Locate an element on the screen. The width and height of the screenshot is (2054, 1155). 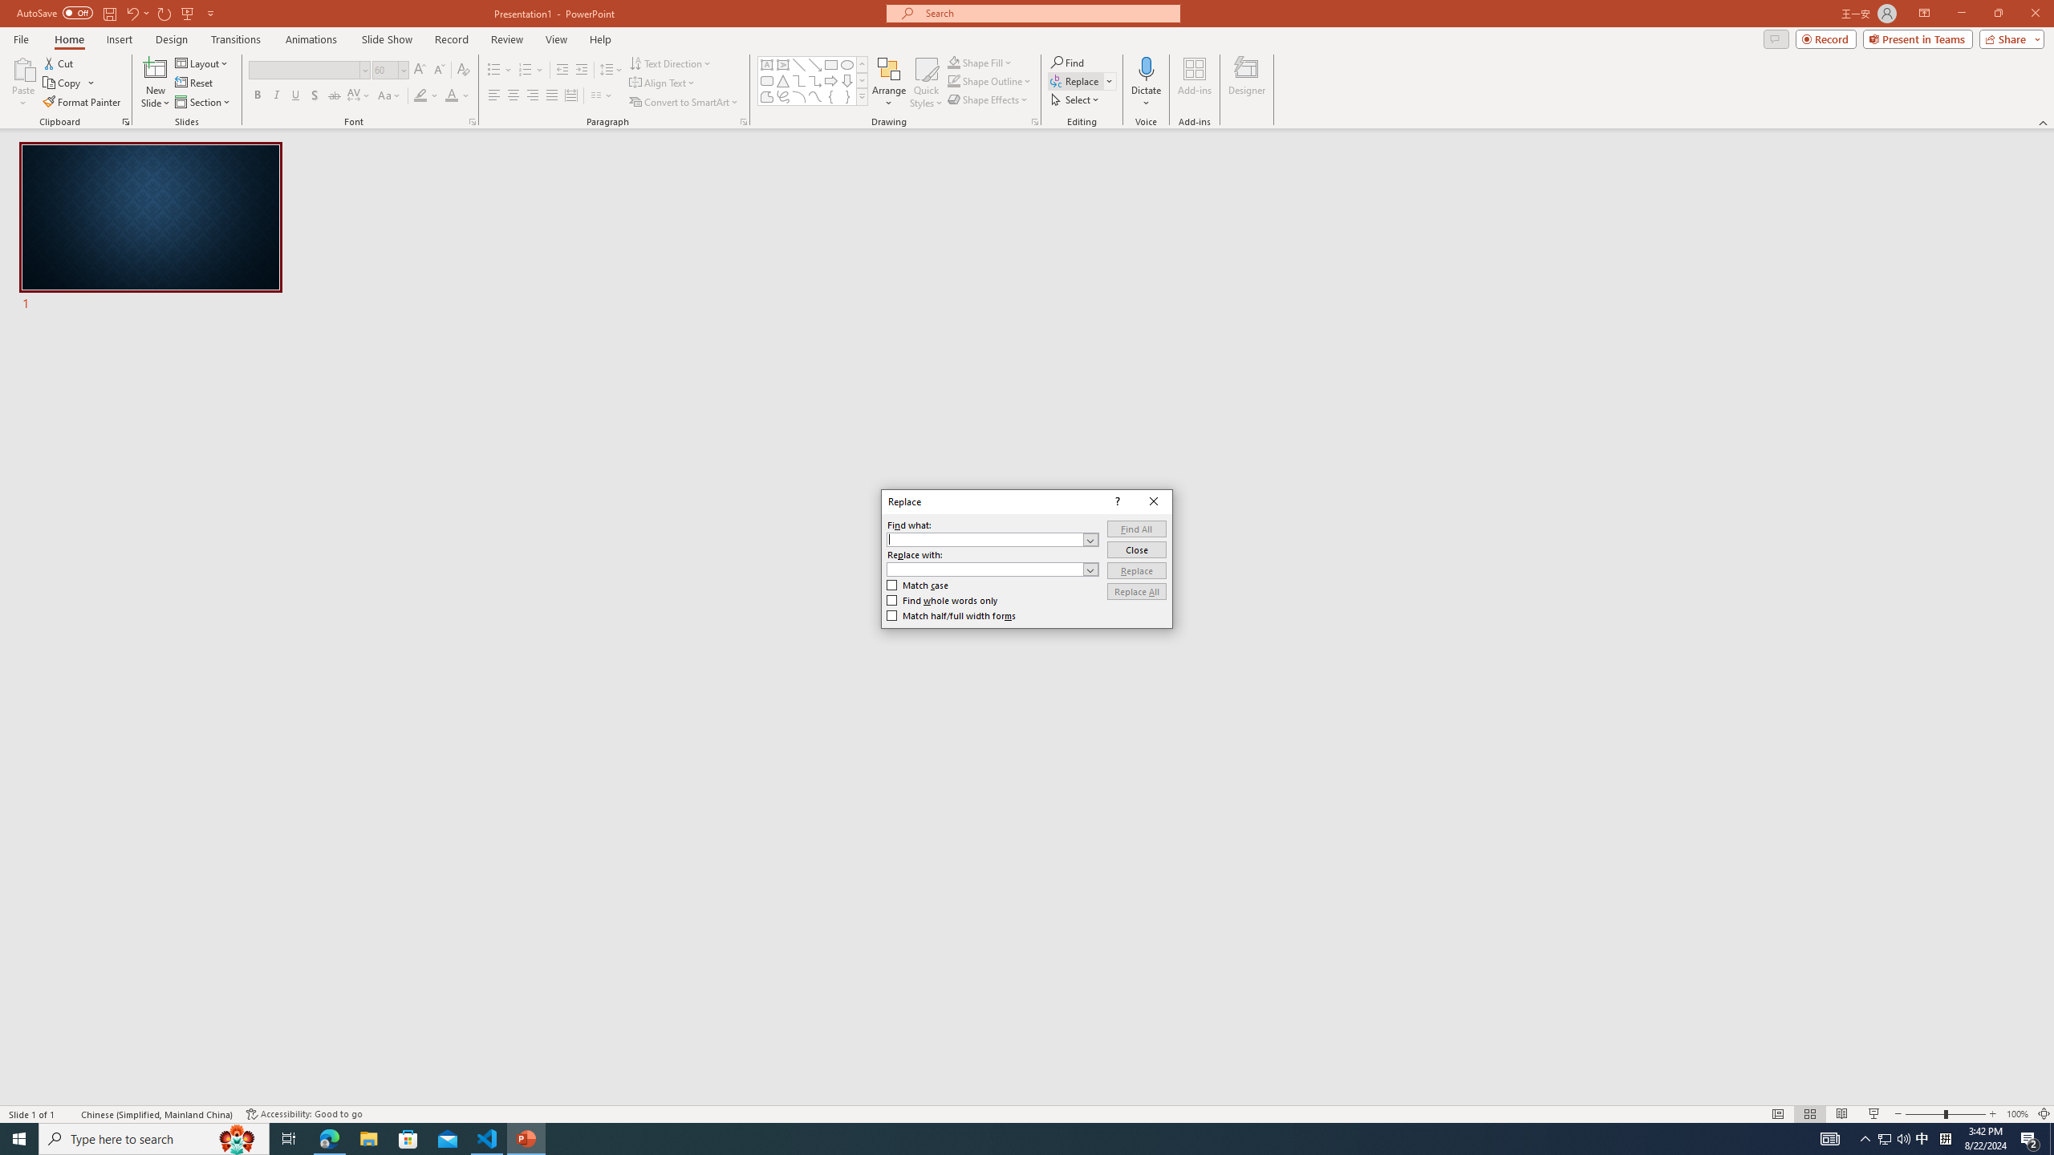
'Arrow: Right' is located at coordinates (830, 79).